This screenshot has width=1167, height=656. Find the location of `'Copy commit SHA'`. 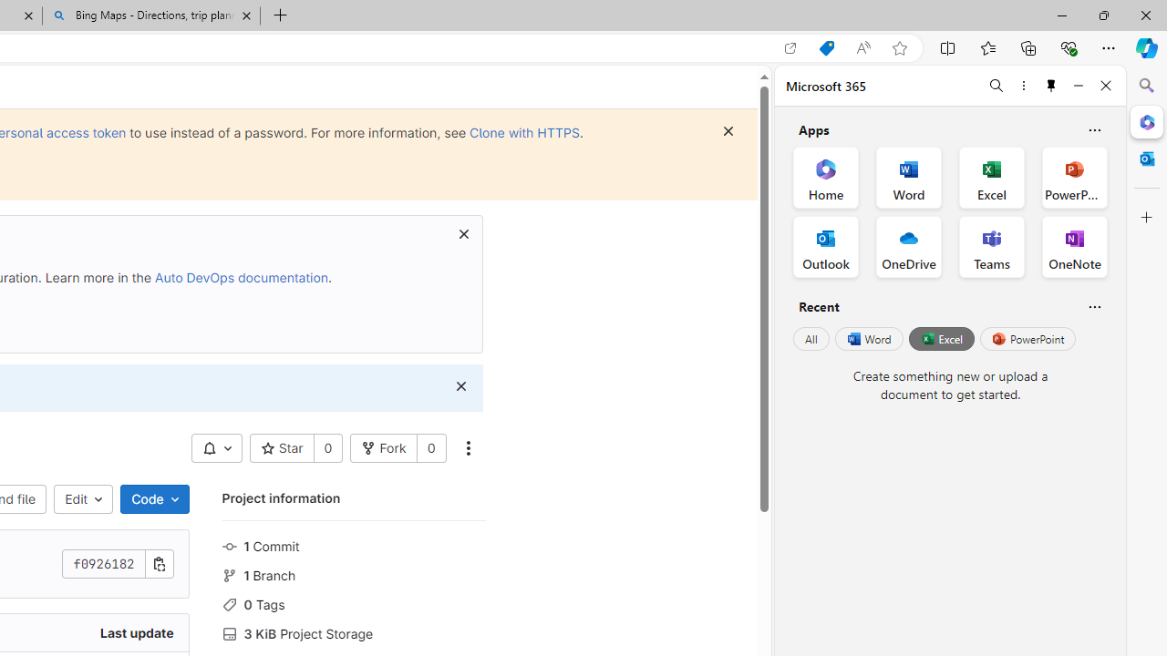

'Copy commit SHA' is located at coordinates (159, 563).